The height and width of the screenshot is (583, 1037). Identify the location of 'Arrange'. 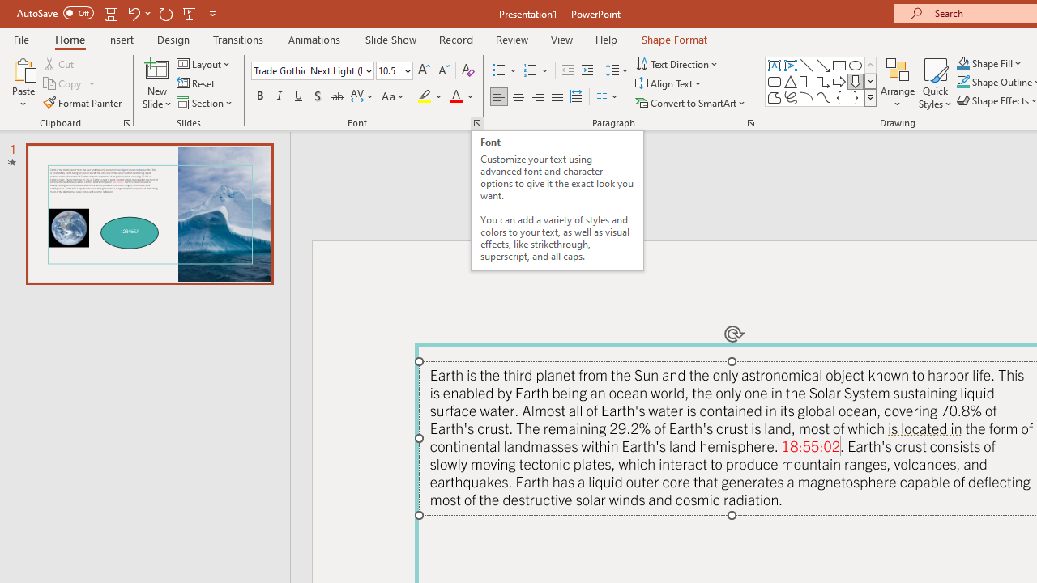
(897, 83).